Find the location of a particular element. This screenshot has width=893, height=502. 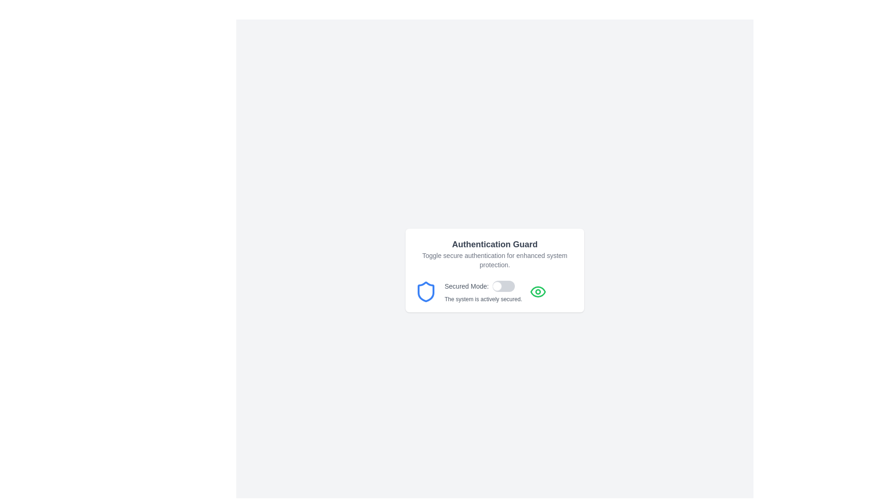

the movable thumb of the toggle switch located in the bottom-right part of the interface card is located at coordinates (496, 286).